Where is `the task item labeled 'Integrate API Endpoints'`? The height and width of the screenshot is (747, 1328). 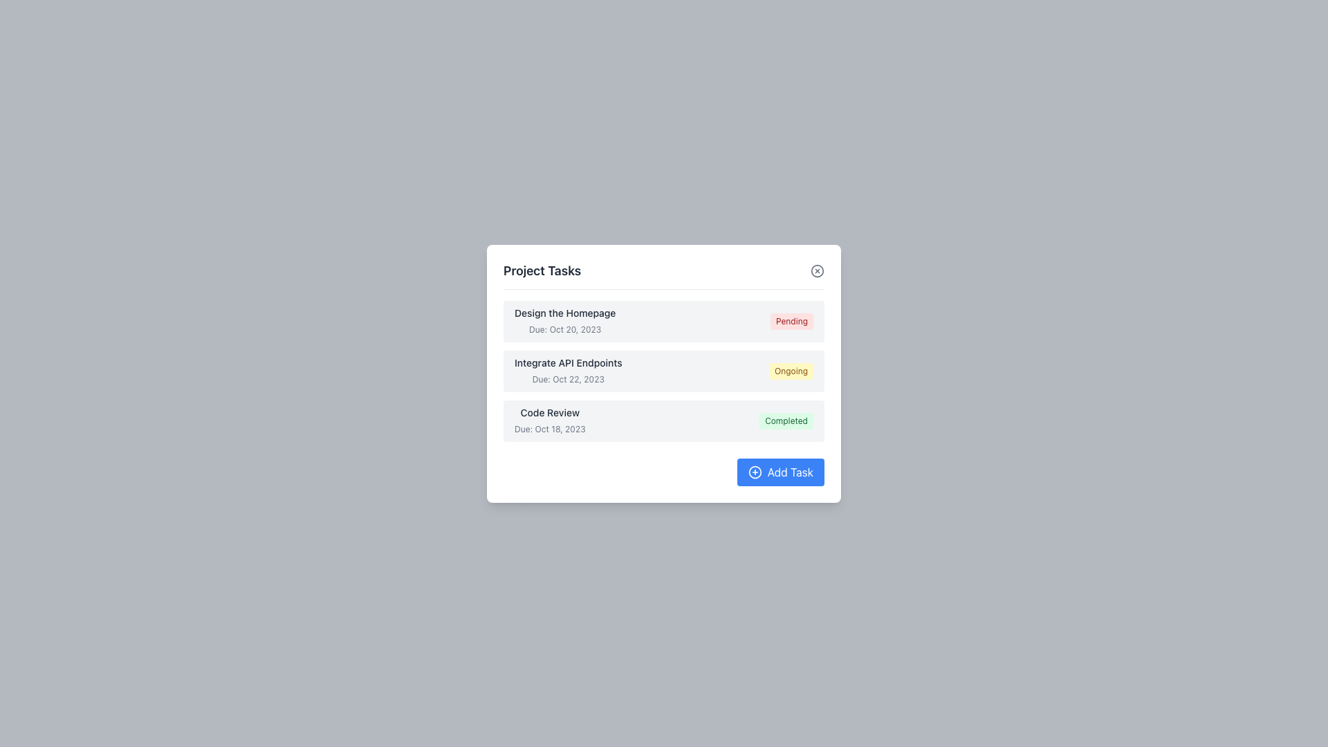 the task item labeled 'Integrate API Endpoints' is located at coordinates (664, 370).